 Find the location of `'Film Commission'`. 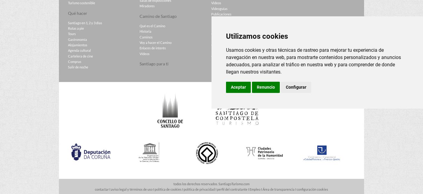

'Film Commission' is located at coordinates (224, 50).